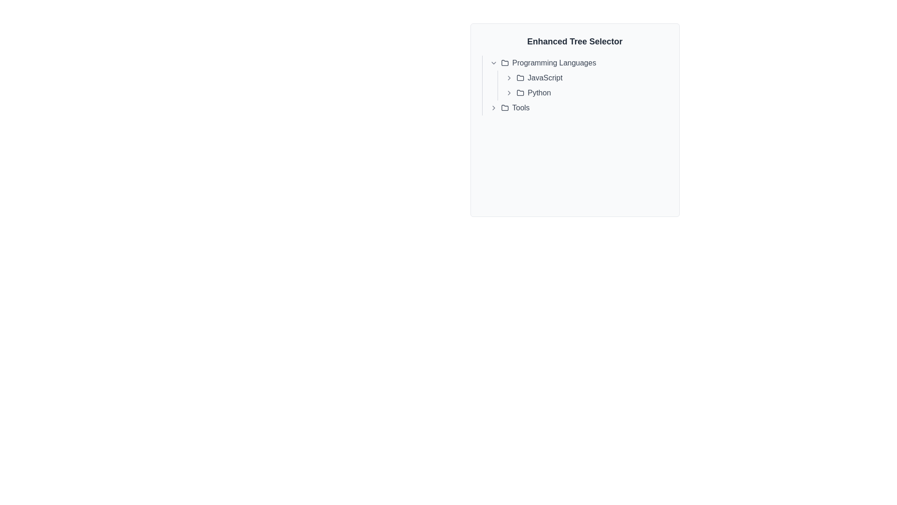 The width and height of the screenshot is (897, 505). What do you see at coordinates (545, 77) in the screenshot?
I see `the selectable label for 'JavaScript' to activate further options related to it` at bounding box center [545, 77].